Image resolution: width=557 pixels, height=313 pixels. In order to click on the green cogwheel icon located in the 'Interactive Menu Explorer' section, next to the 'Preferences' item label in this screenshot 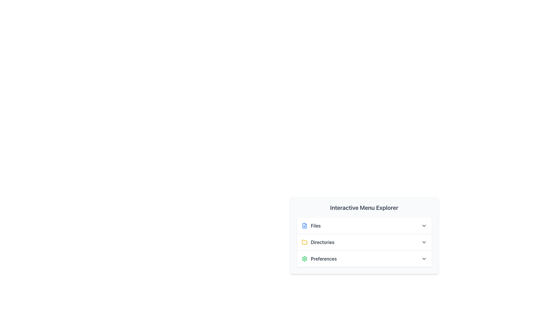, I will do `click(304, 259)`.